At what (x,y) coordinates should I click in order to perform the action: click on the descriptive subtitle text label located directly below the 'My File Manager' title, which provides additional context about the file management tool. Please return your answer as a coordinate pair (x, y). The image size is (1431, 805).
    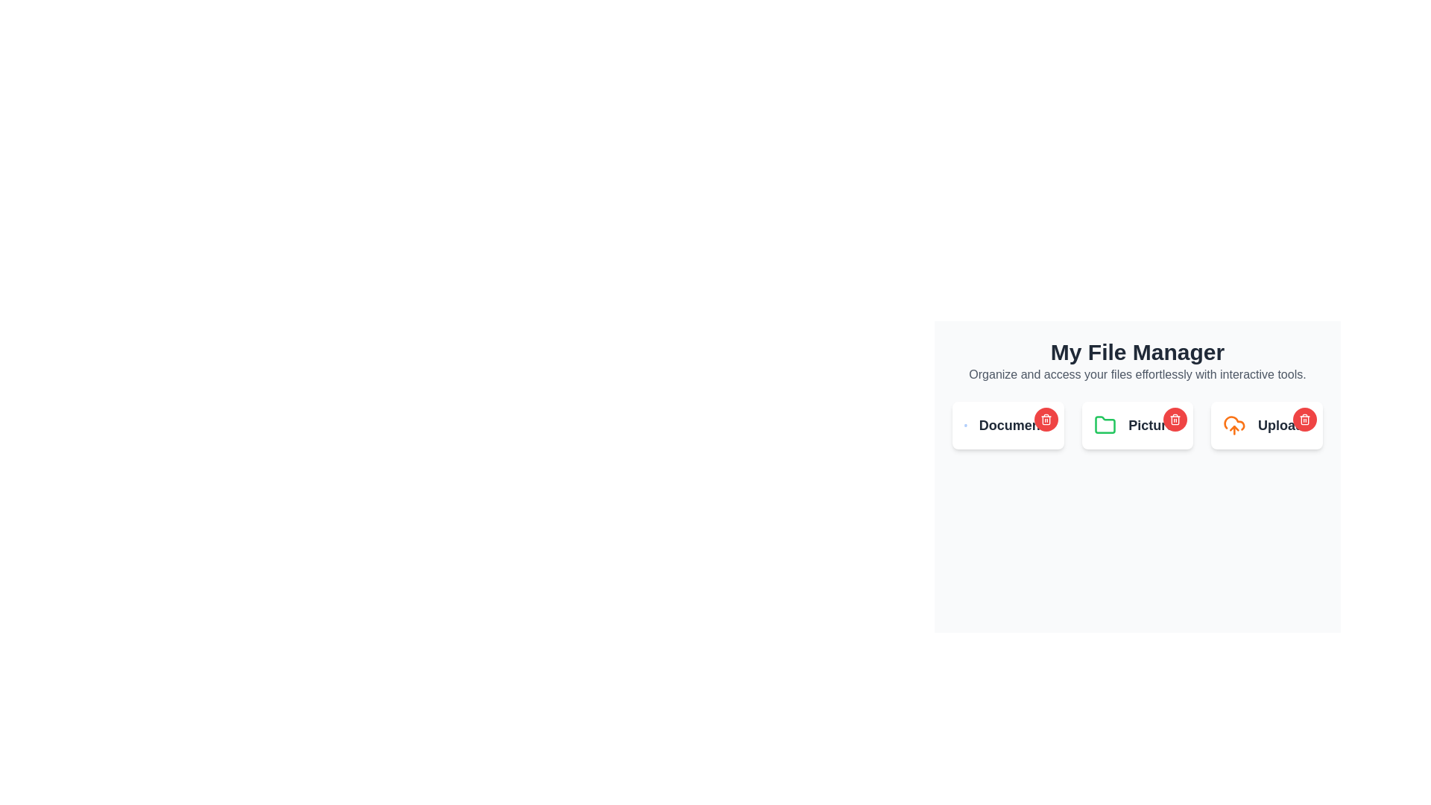
    Looking at the image, I should click on (1137, 373).